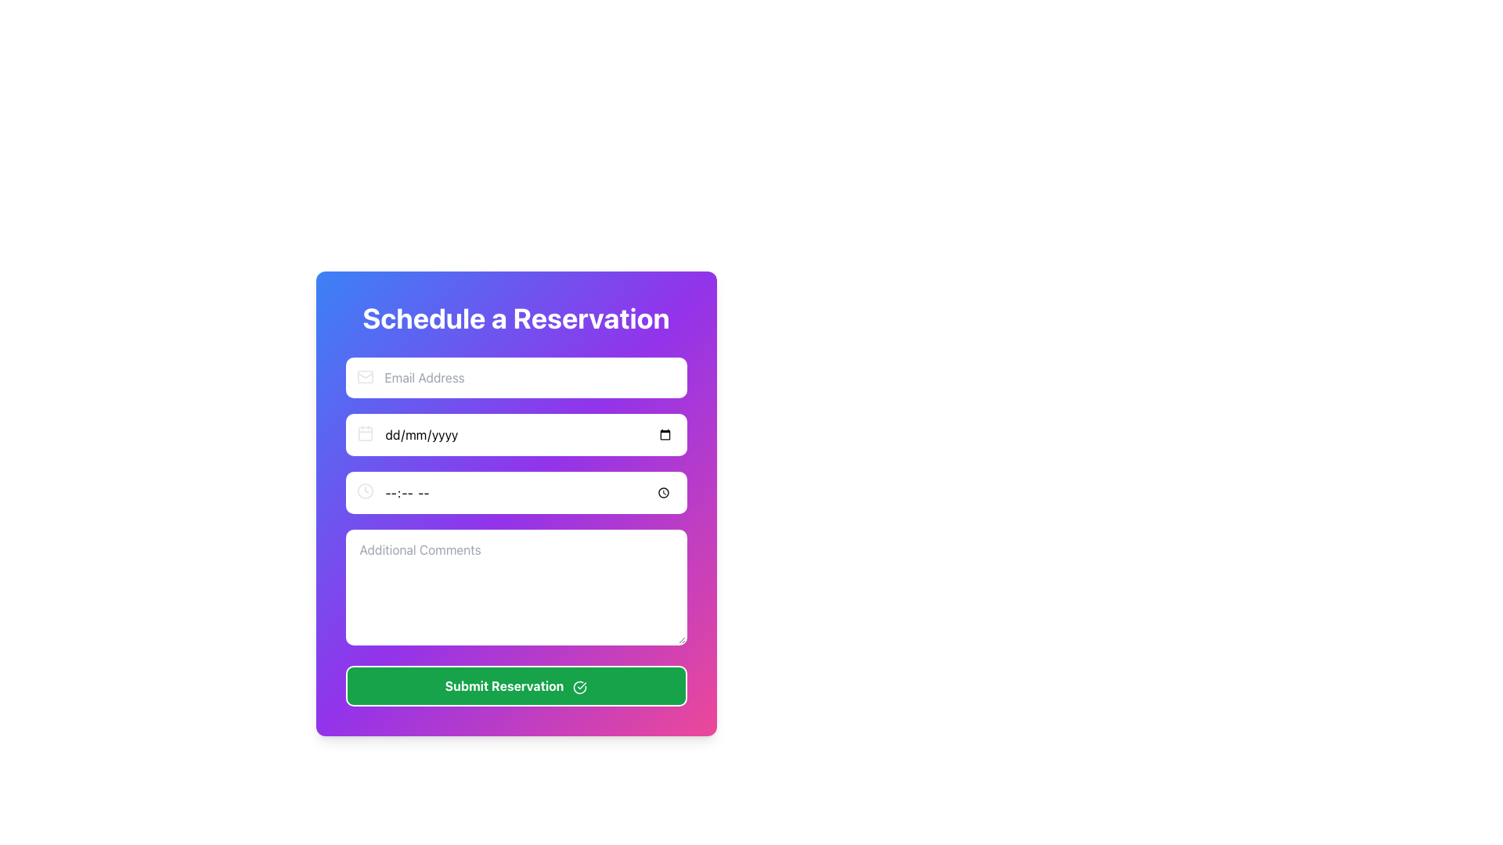  Describe the element at coordinates (516, 589) in the screenshot. I see `the large white textarea input field labeled 'Additional Comments' to focus on it` at that location.